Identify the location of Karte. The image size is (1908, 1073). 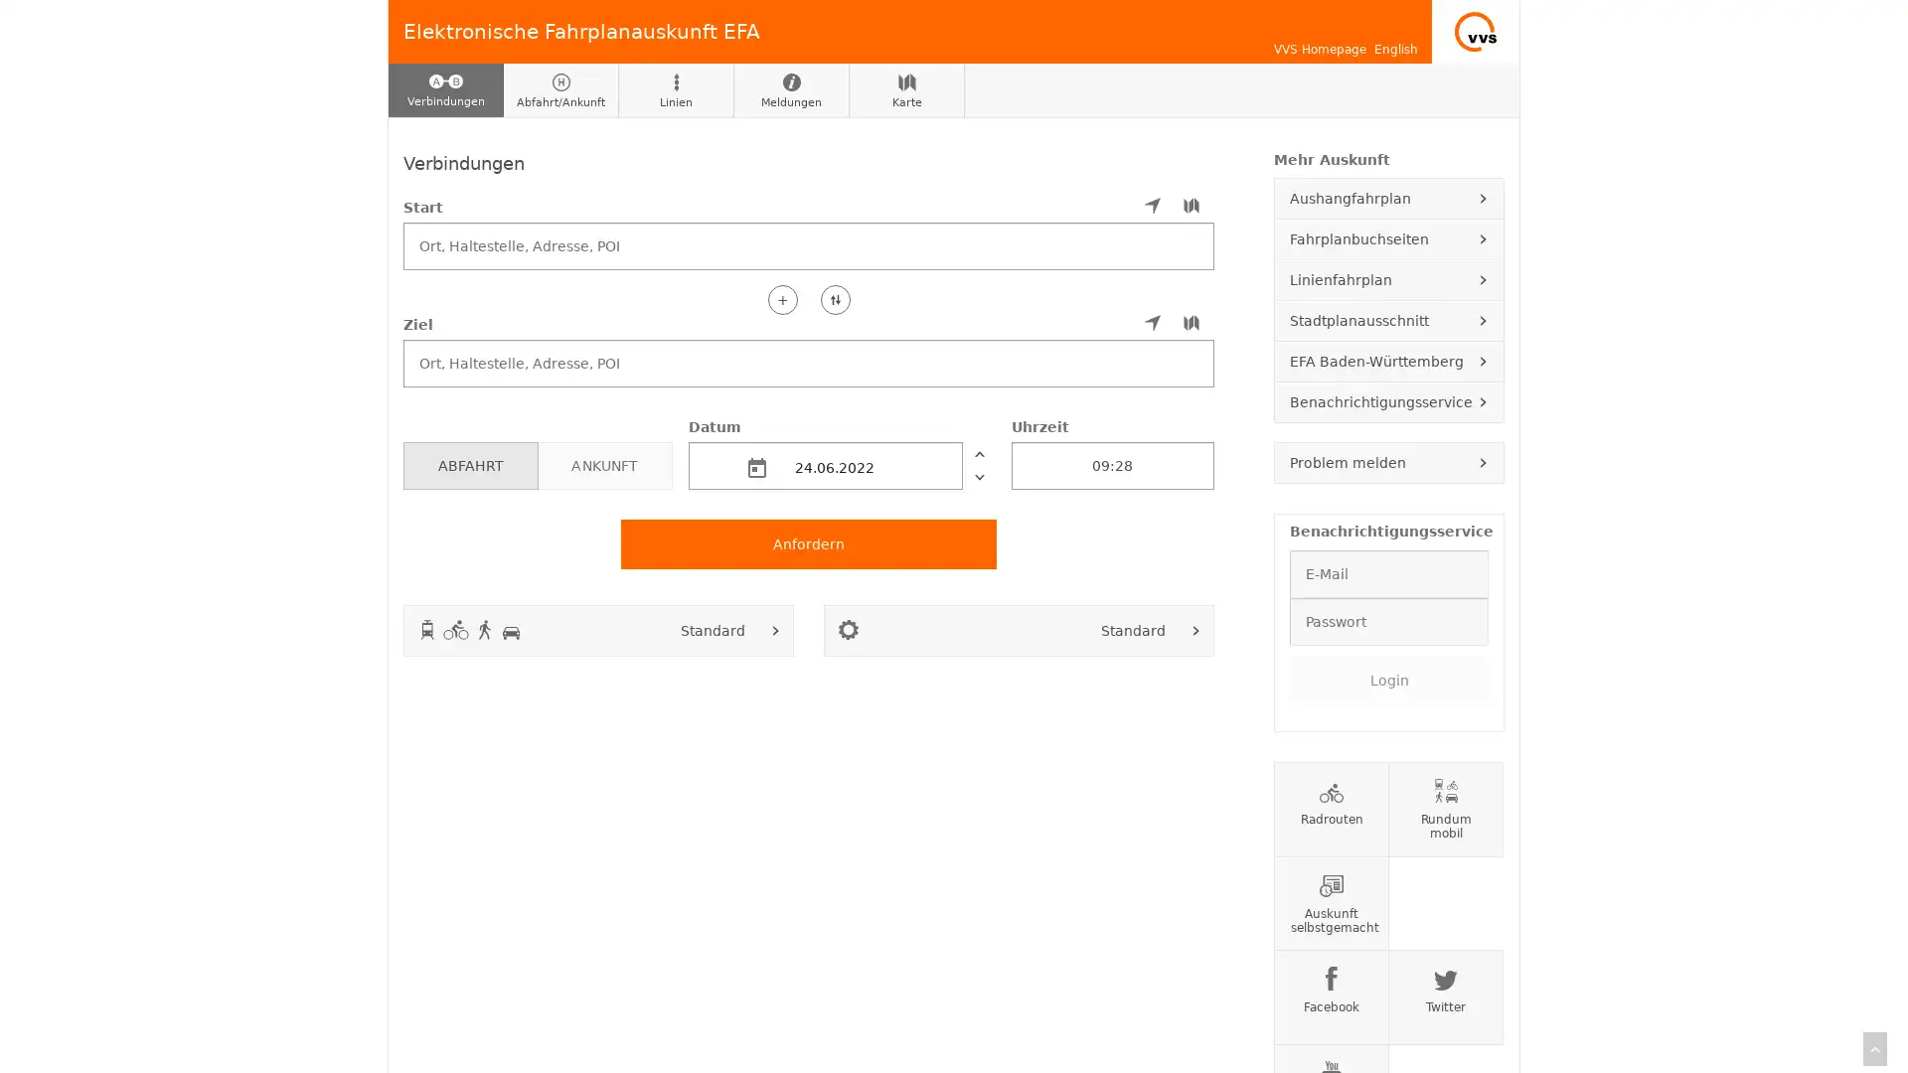
(905, 90).